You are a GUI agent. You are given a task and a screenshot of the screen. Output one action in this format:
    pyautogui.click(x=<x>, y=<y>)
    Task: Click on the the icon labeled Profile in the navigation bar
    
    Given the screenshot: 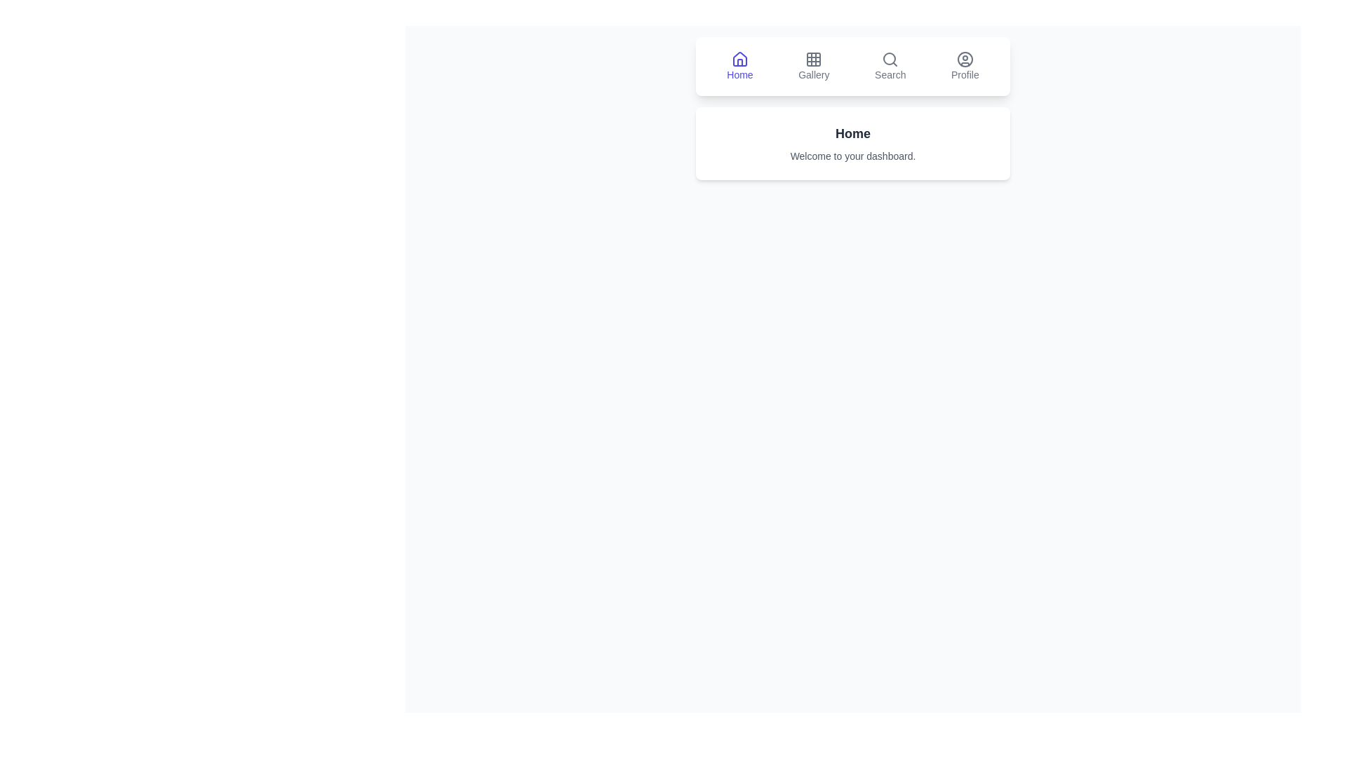 What is the action you would take?
    pyautogui.click(x=964, y=67)
    